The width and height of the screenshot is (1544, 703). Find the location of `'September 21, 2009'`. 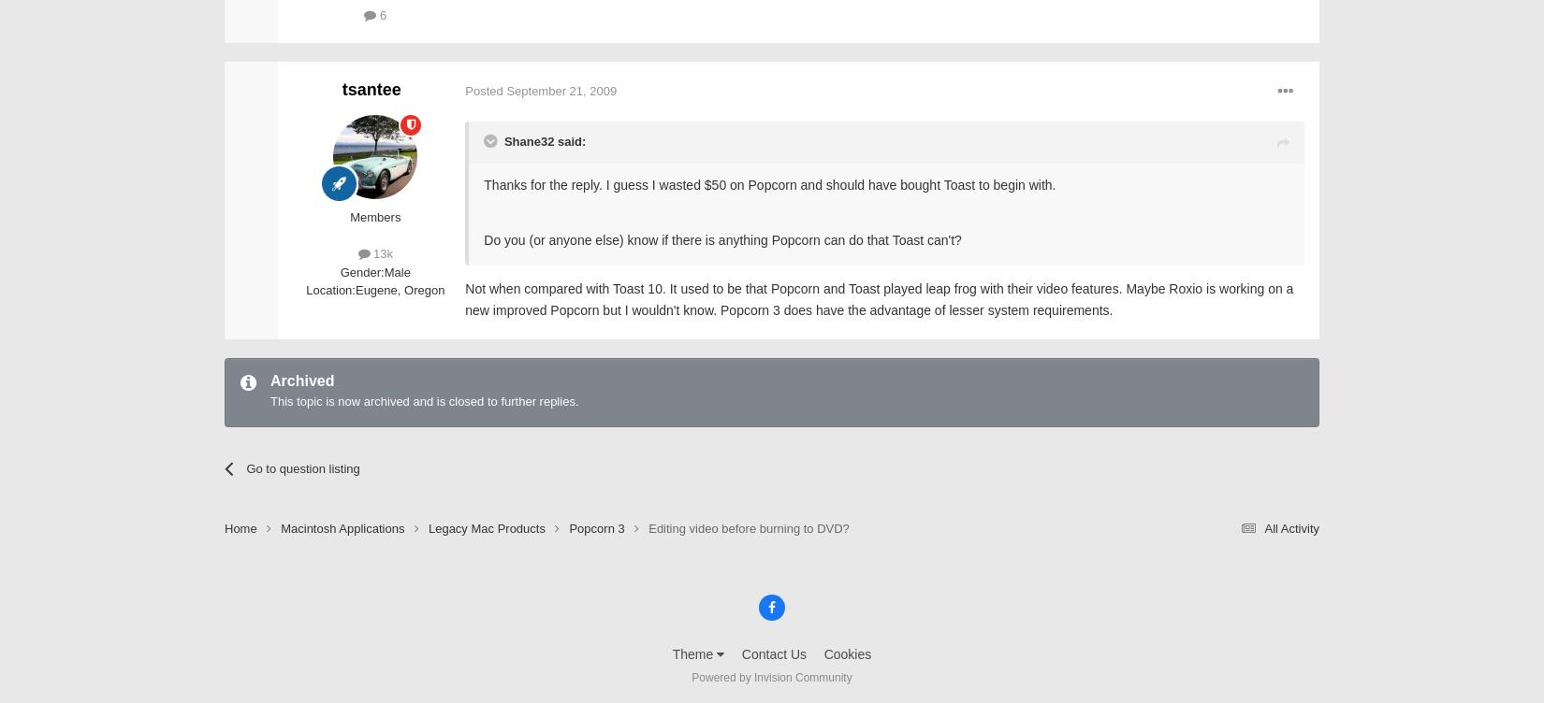

'September 21, 2009' is located at coordinates (505, 90).